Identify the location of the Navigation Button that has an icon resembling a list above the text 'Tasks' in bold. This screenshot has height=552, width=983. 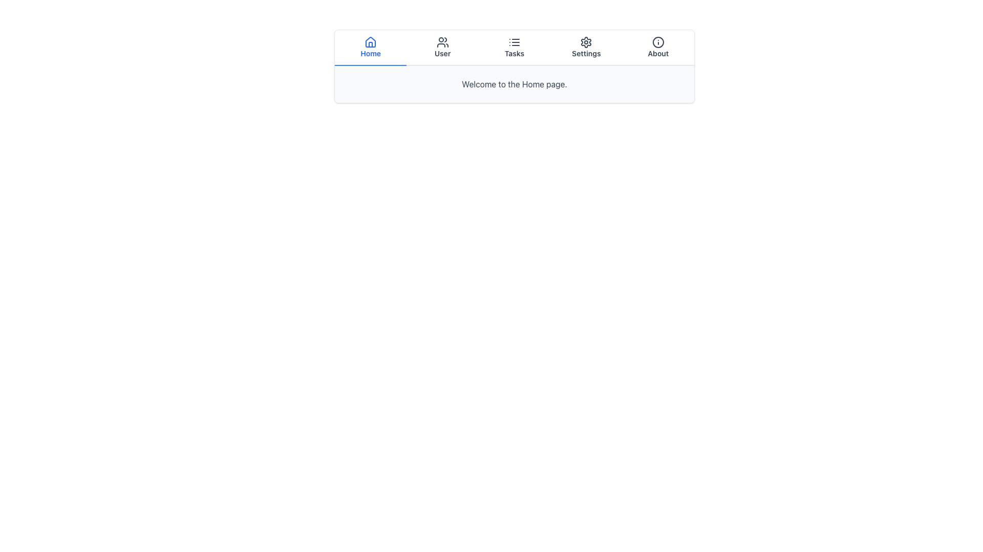
(514, 48).